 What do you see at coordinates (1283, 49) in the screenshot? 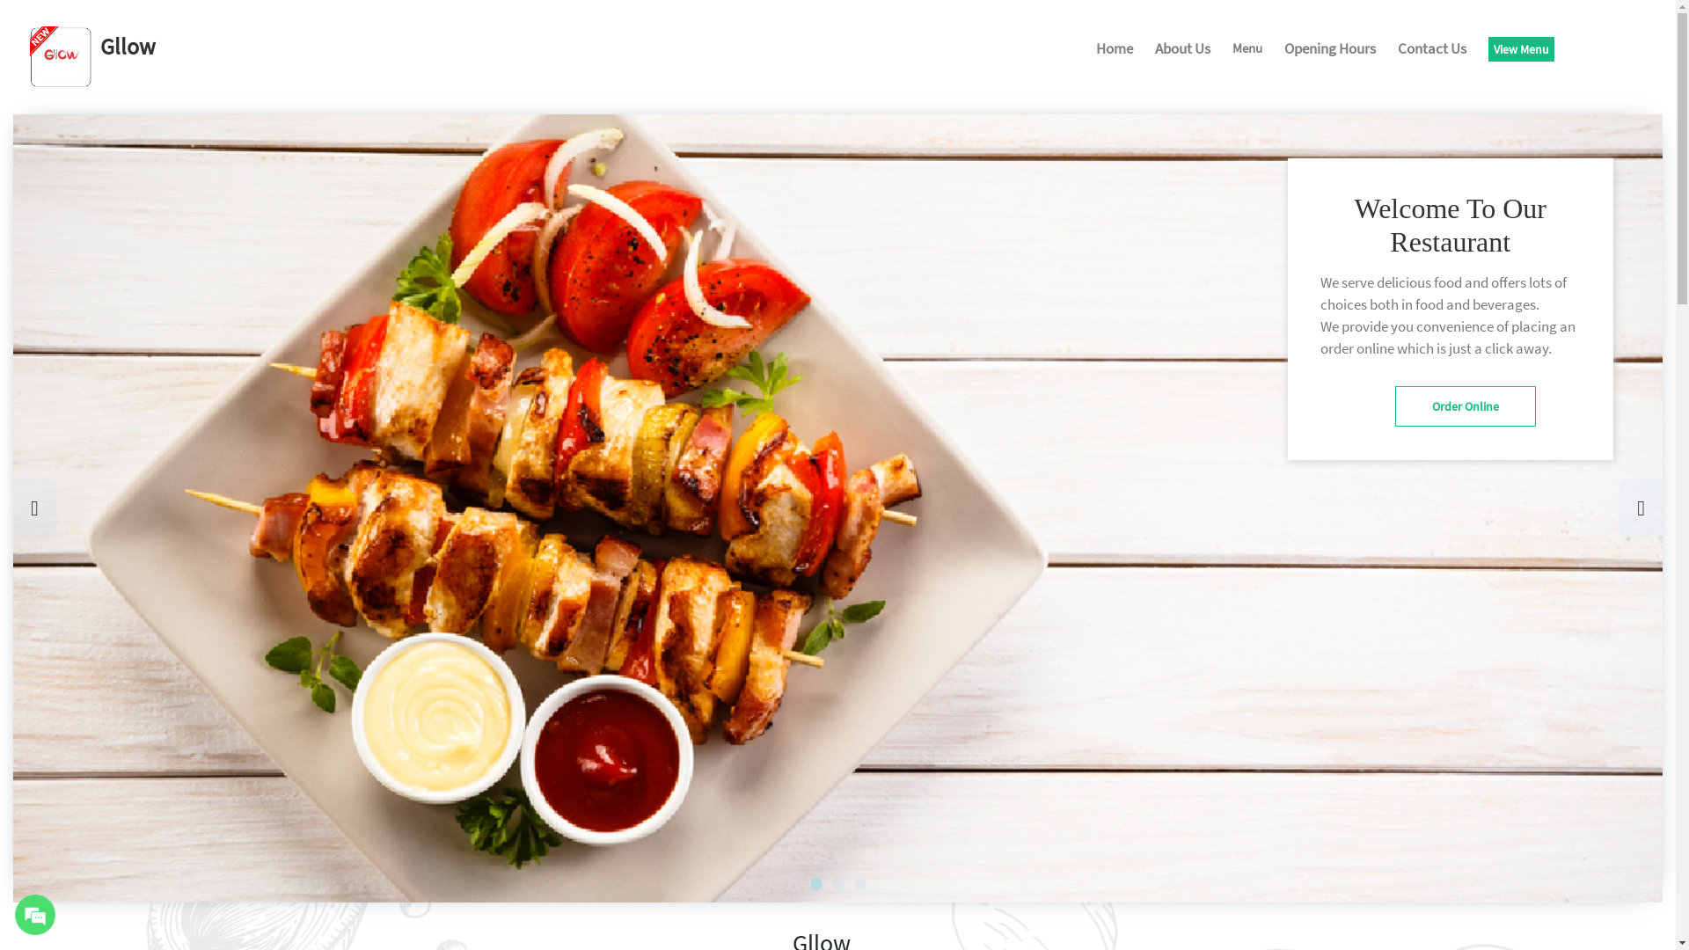
I see `'Opening Hours'` at bounding box center [1283, 49].